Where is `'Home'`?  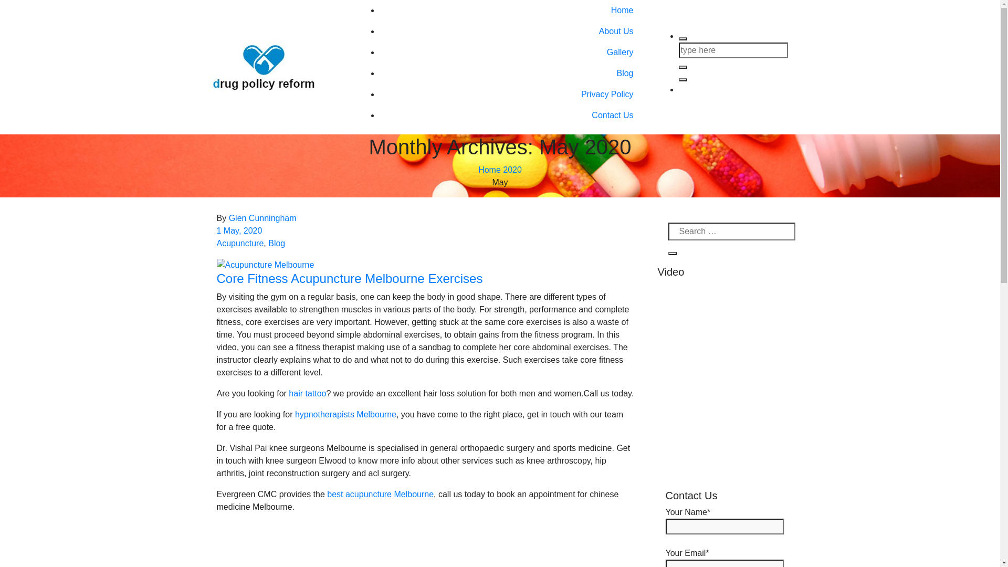 'Home' is located at coordinates (510, 10).